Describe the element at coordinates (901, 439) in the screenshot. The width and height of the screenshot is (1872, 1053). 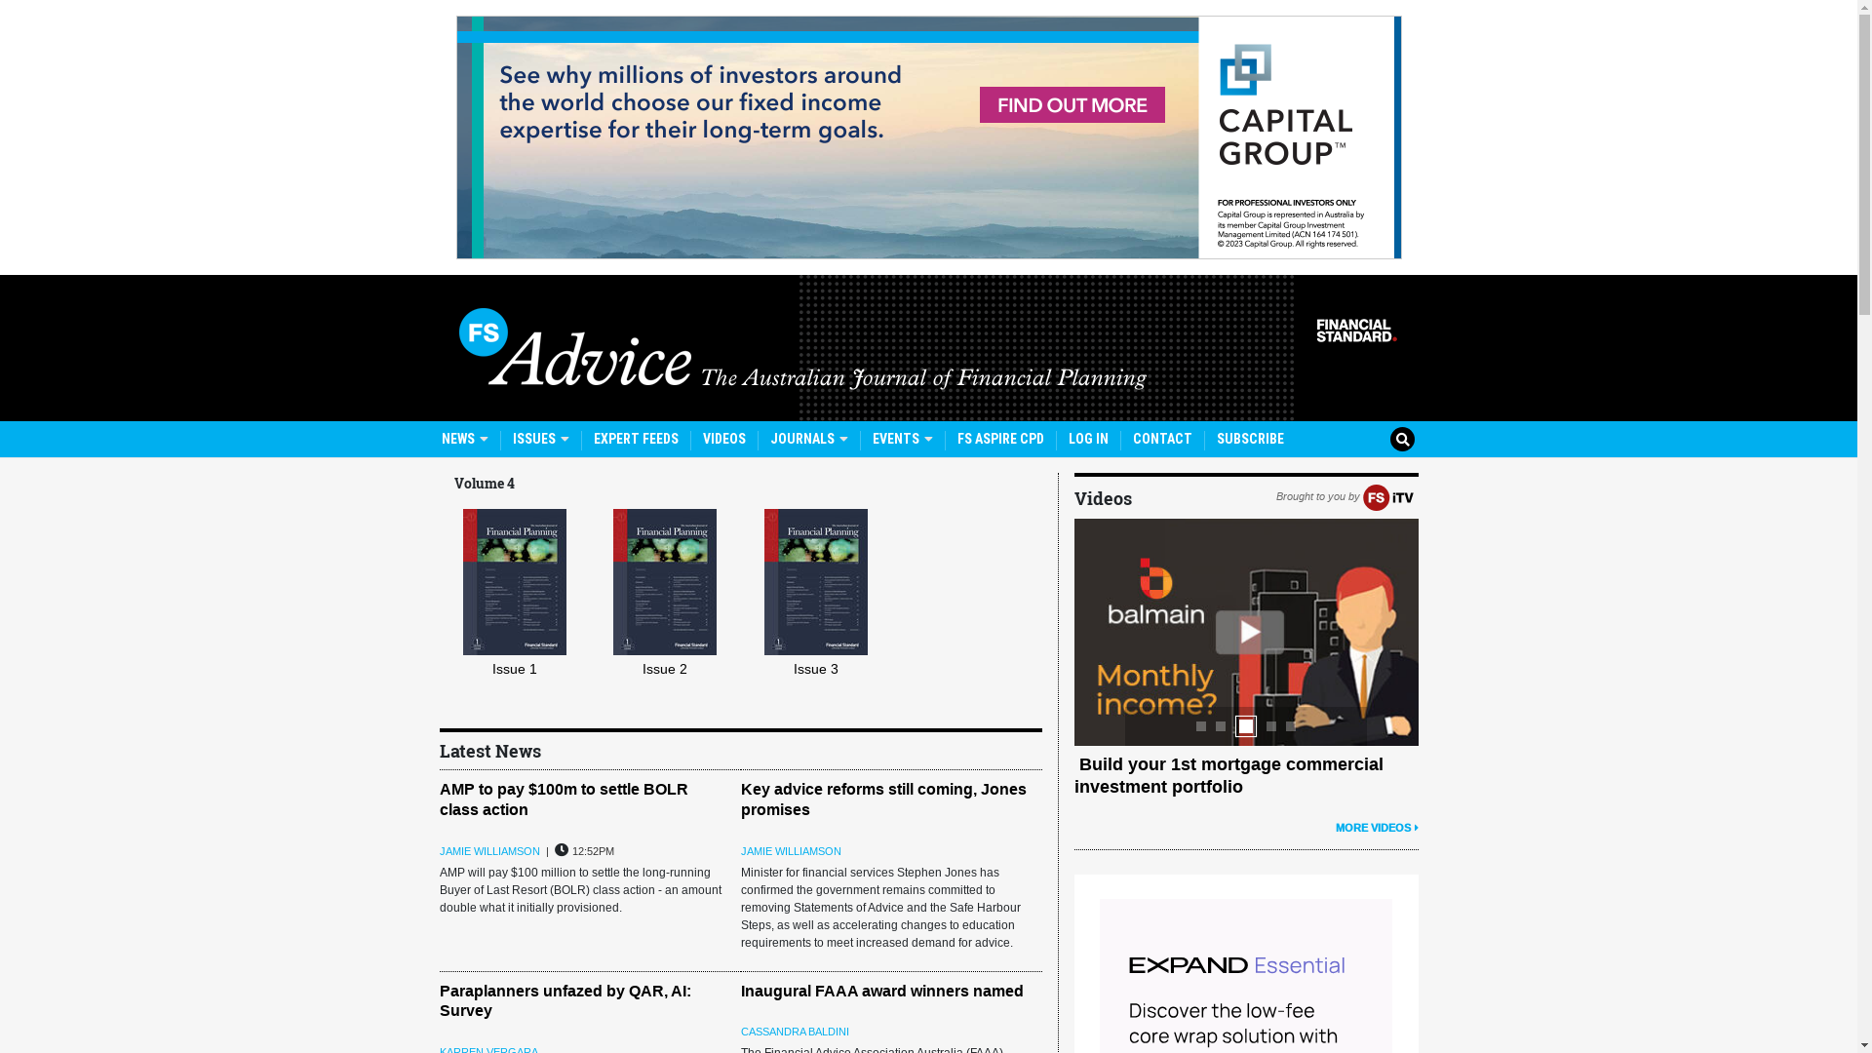
I see `'EVENTS'` at that location.